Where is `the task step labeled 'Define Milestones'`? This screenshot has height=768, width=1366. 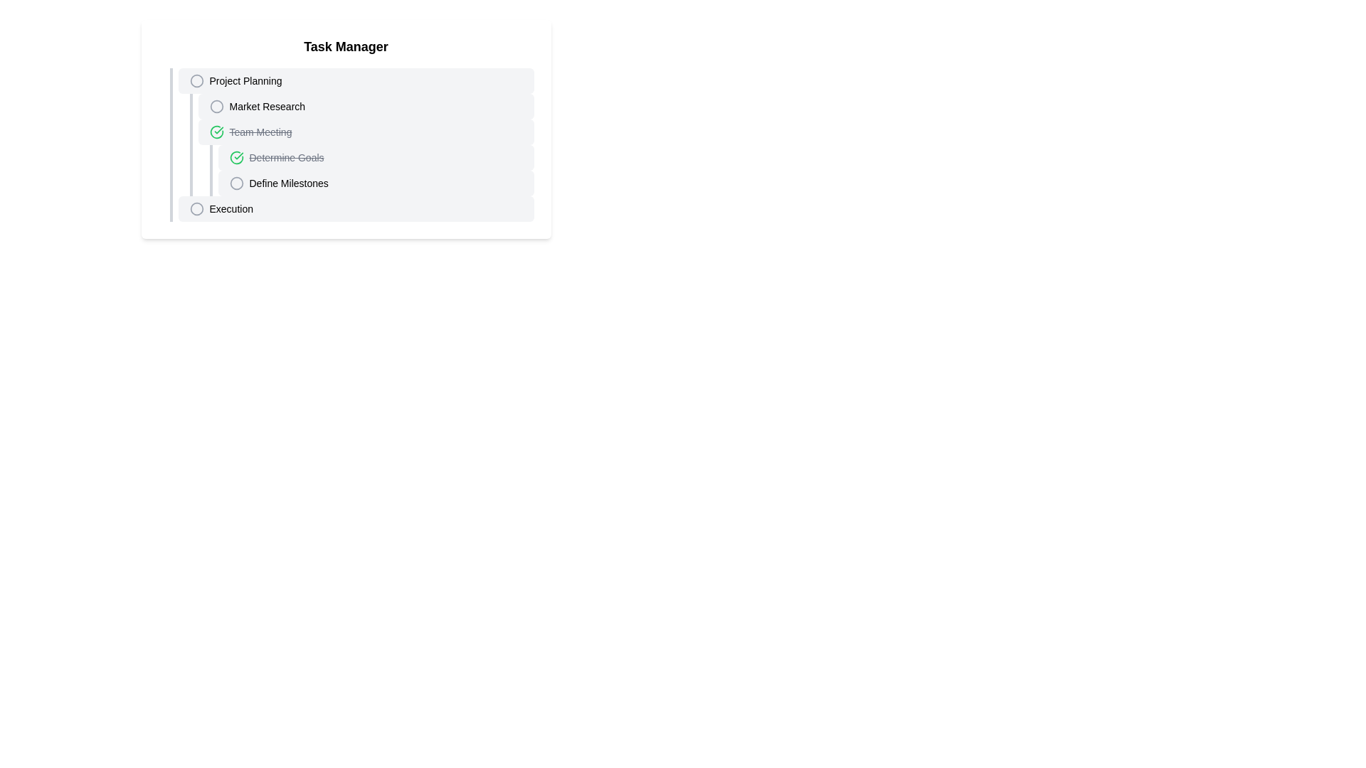 the task step labeled 'Define Milestones' is located at coordinates (371, 183).